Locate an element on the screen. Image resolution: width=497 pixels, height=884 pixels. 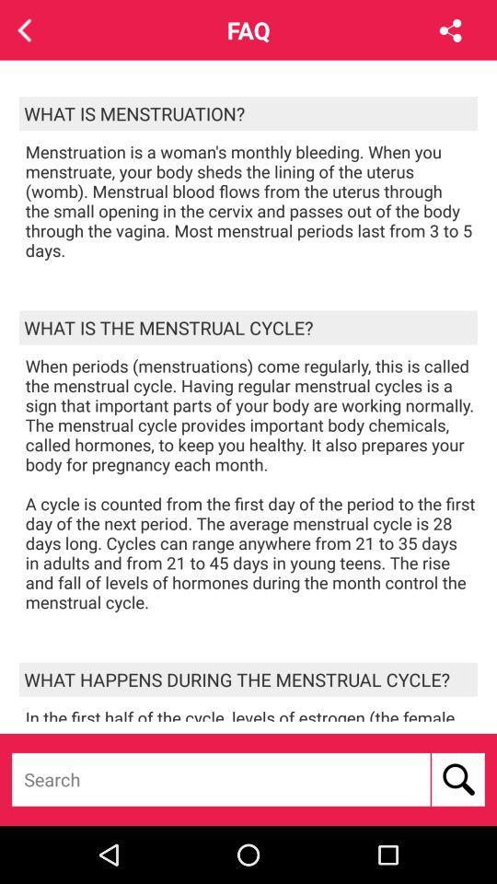
the icon below the when periods menstruations is located at coordinates (248, 679).